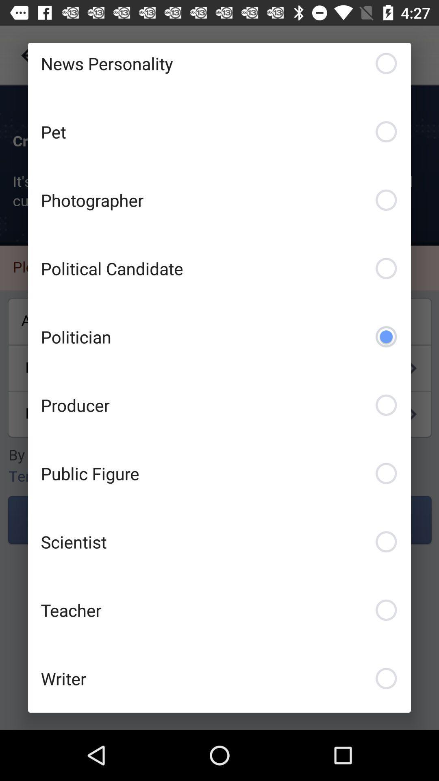  Describe the element at coordinates (219, 268) in the screenshot. I see `the icon above politician item` at that location.